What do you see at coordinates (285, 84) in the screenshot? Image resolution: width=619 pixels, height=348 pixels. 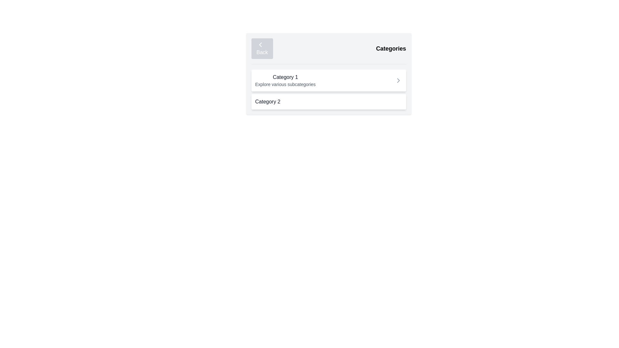 I see `the text label reading 'Explore various subcategories', which is styled in small gray font and located under the heading 'Category 1'` at bounding box center [285, 84].